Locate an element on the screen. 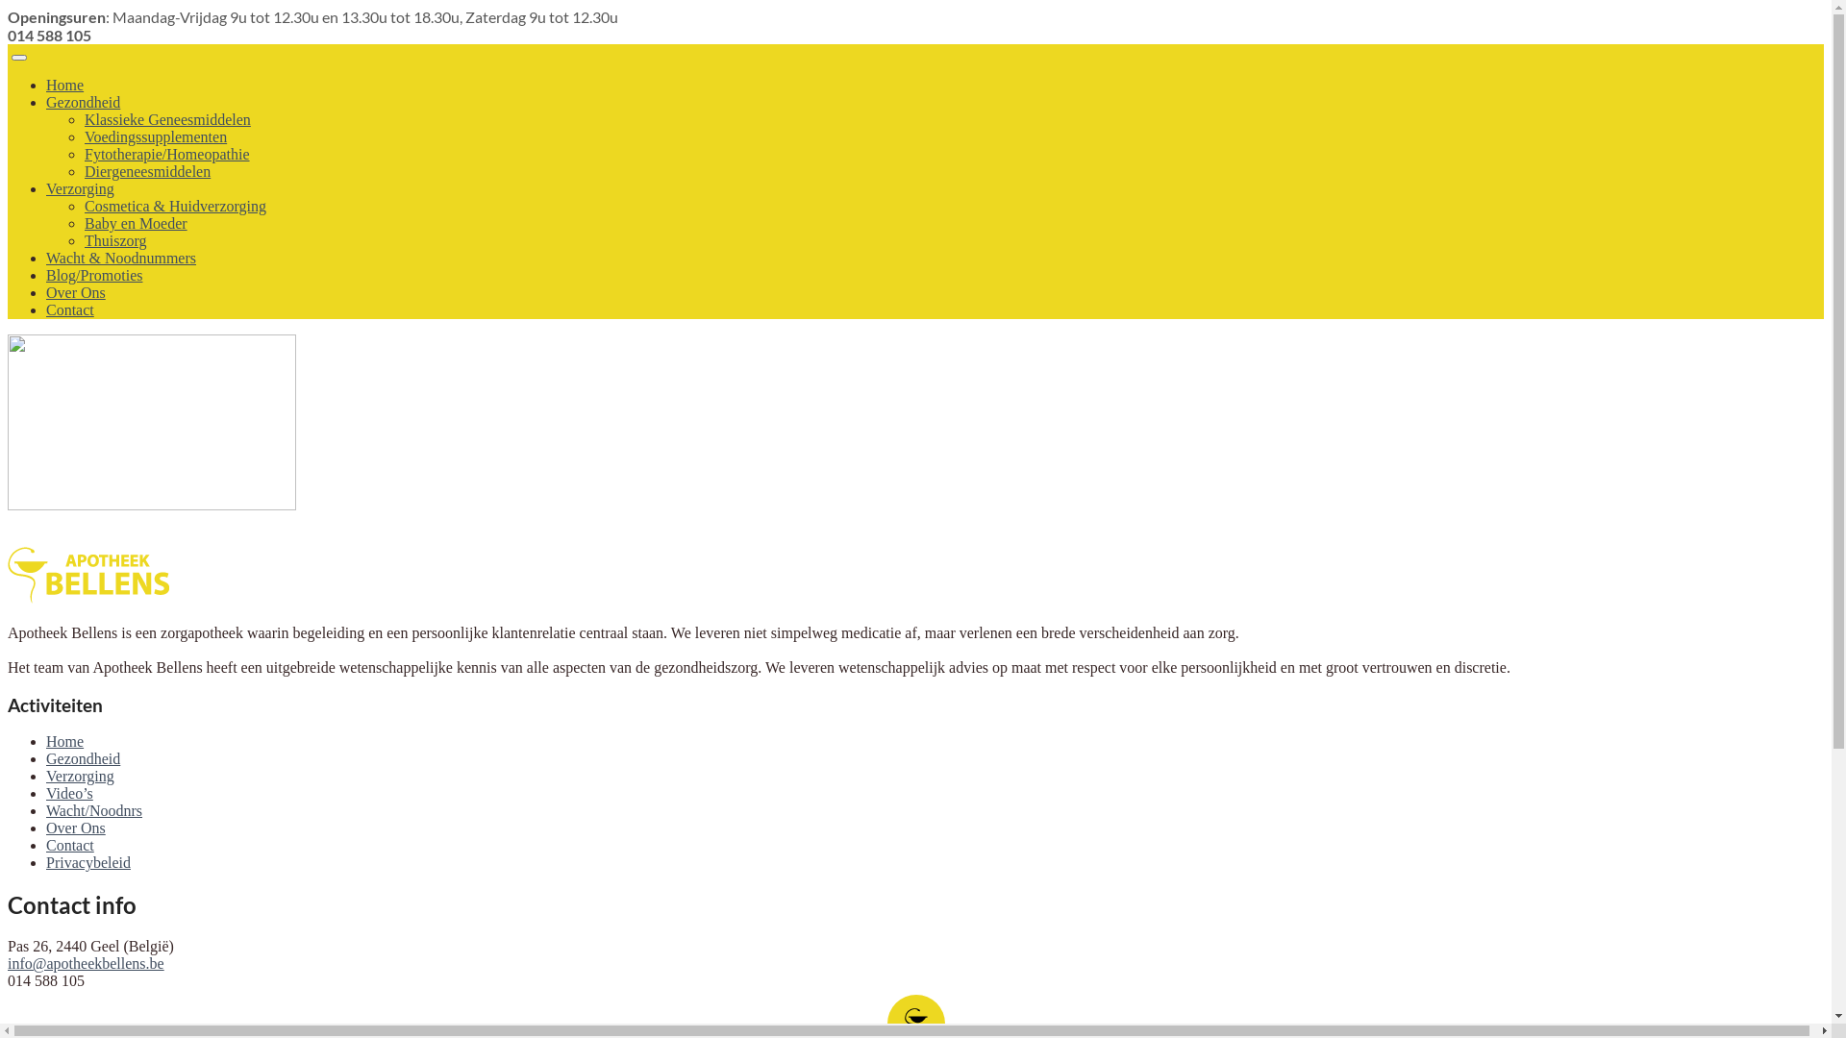 This screenshot has height=1038, width=1846. 'Diergeneesmiddelen' is located at coordinates (83, 170).